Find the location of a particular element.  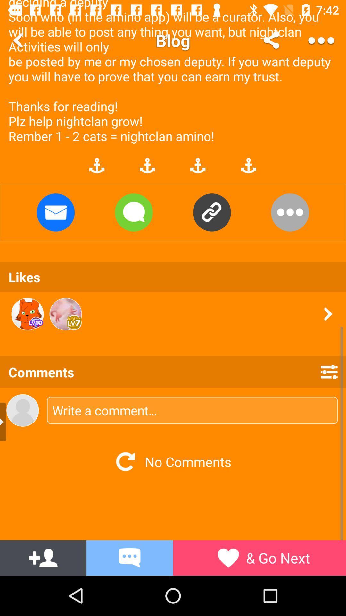

the message icon is located at coordinates (130, 557).